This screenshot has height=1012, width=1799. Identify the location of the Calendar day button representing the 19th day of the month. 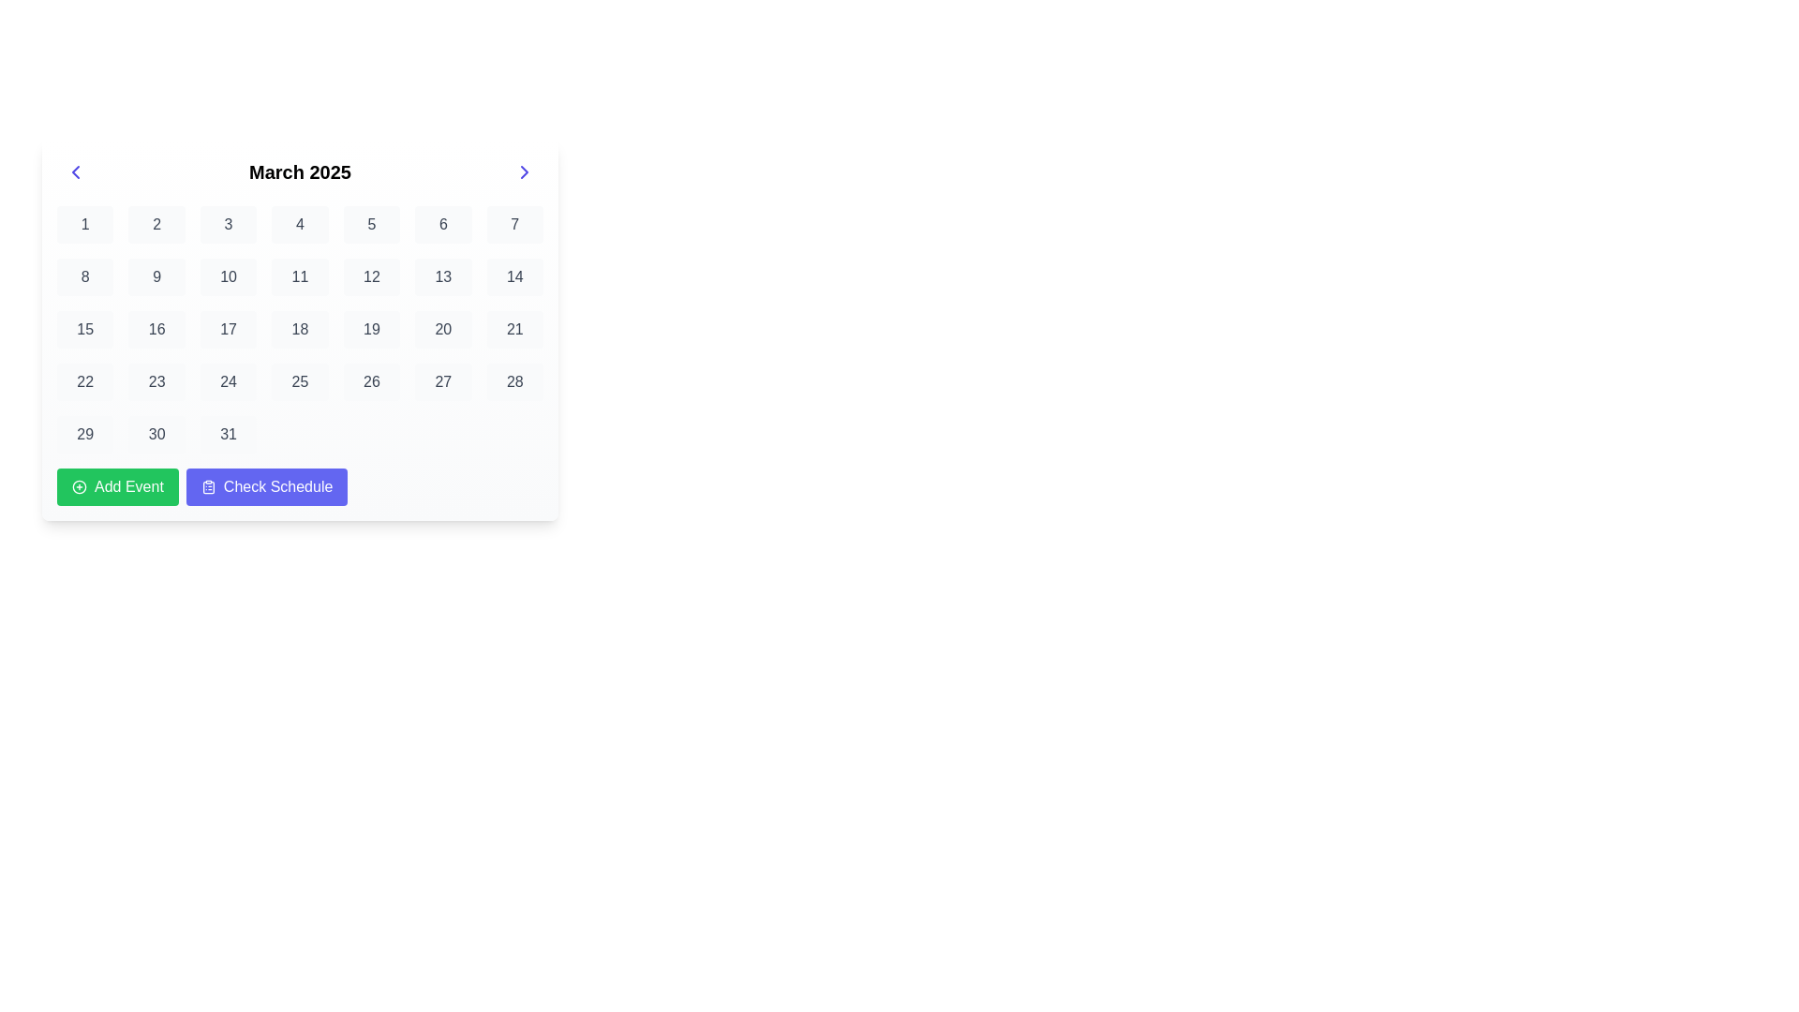
(371, 328).